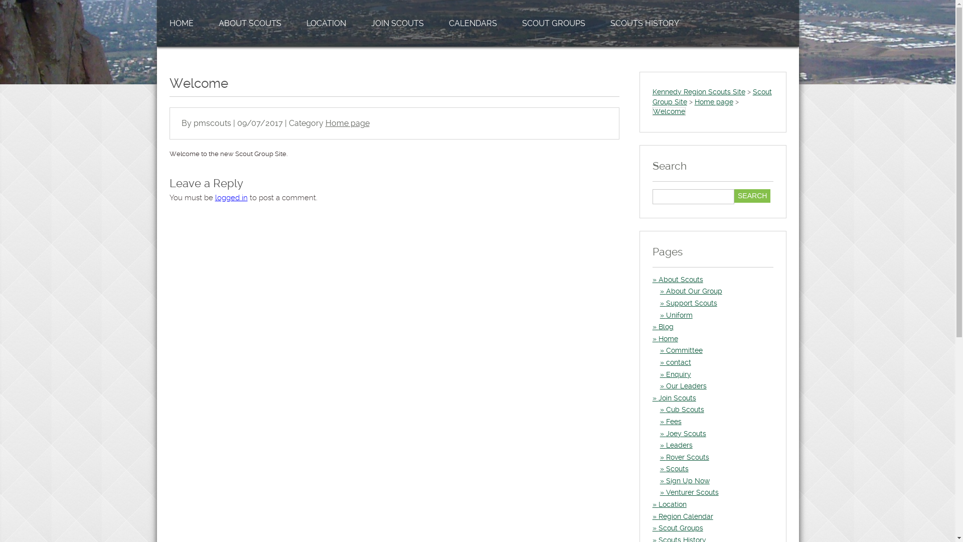 The height and width of the screenshot is (542, 963). What do you see at coordinates (181, 23) in the screenshot?
I see `'HOME'` at bounding box center [181, 23].